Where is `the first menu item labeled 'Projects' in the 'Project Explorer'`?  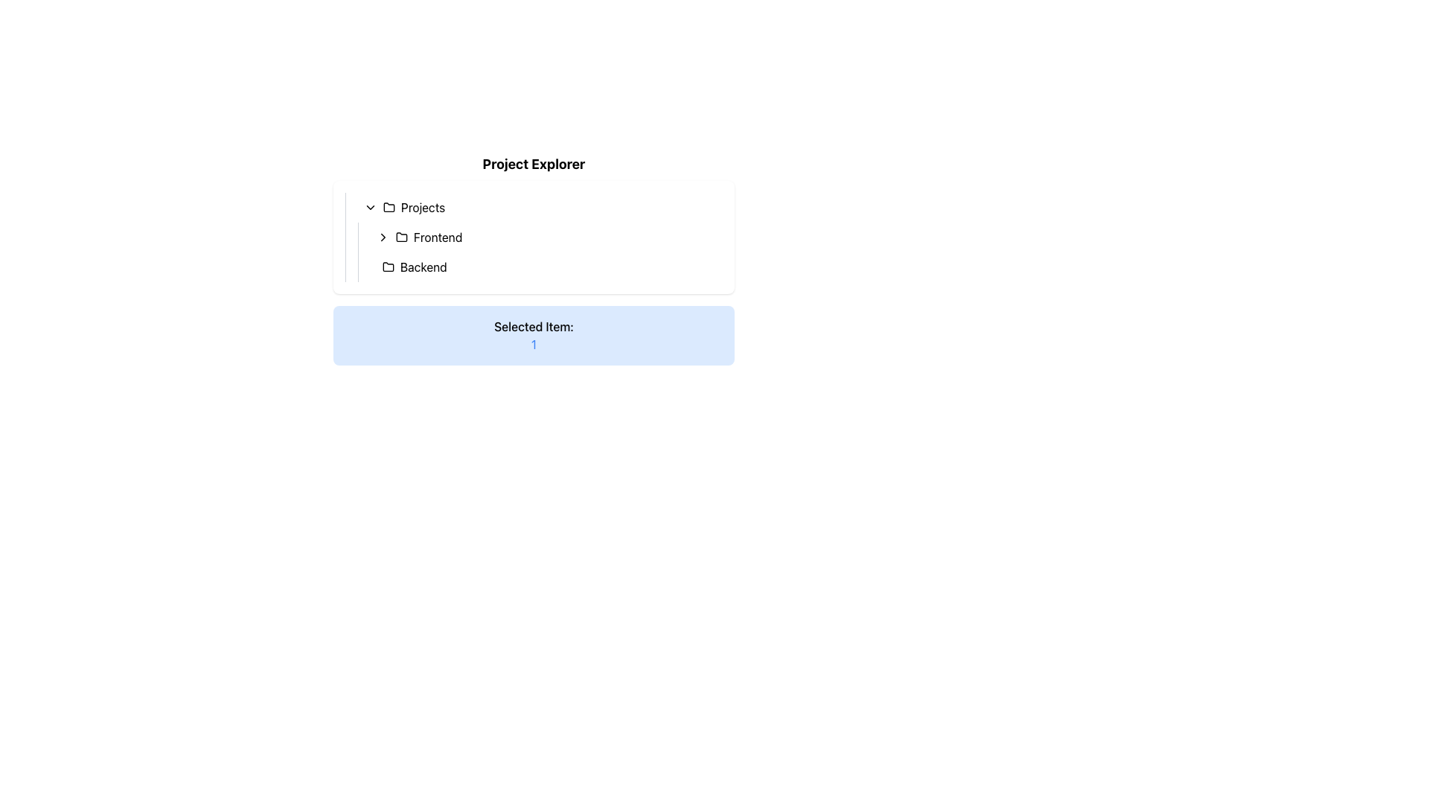
the first menu item labeled 'Projects' in the 'Project Explorer' is located at coordinates (539, 207).